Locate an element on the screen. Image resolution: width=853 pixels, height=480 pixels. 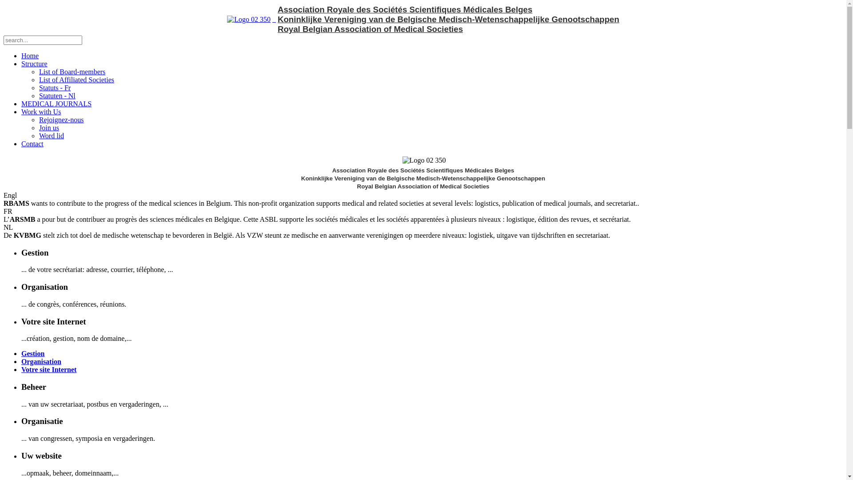
'Rejoignez-nous' is located at coordinates (61, 119).